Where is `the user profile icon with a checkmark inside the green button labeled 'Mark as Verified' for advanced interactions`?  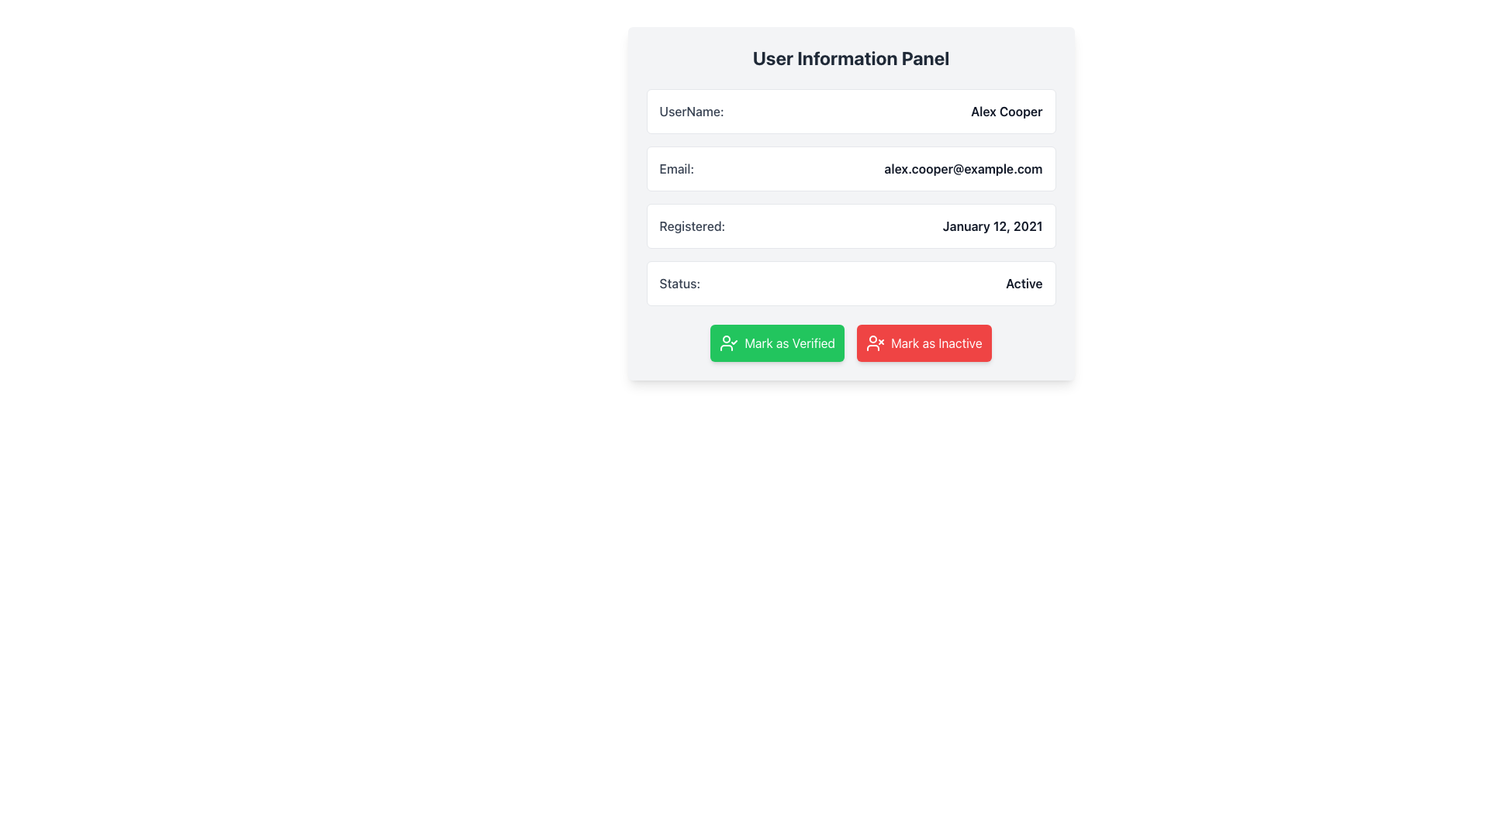 the user profile icon with a checkmark inside the green button labeled 'Mark as Verified' for advanced interactions is located at coordinates (728, 343).